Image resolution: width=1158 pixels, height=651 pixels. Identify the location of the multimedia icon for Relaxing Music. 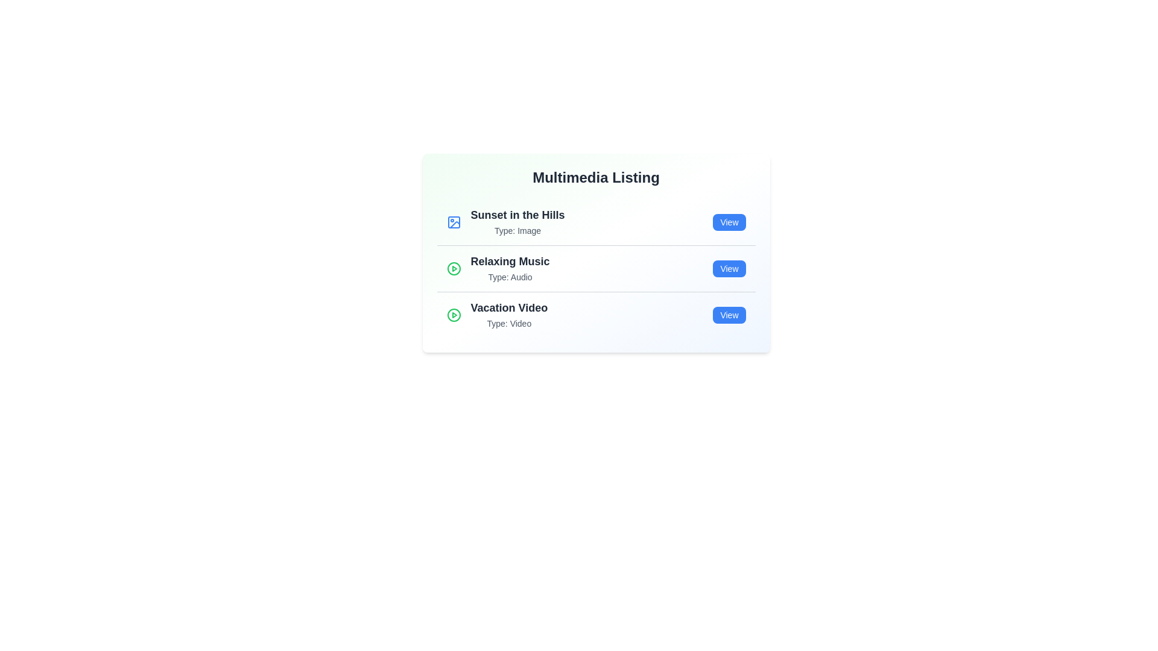
(453, 268).